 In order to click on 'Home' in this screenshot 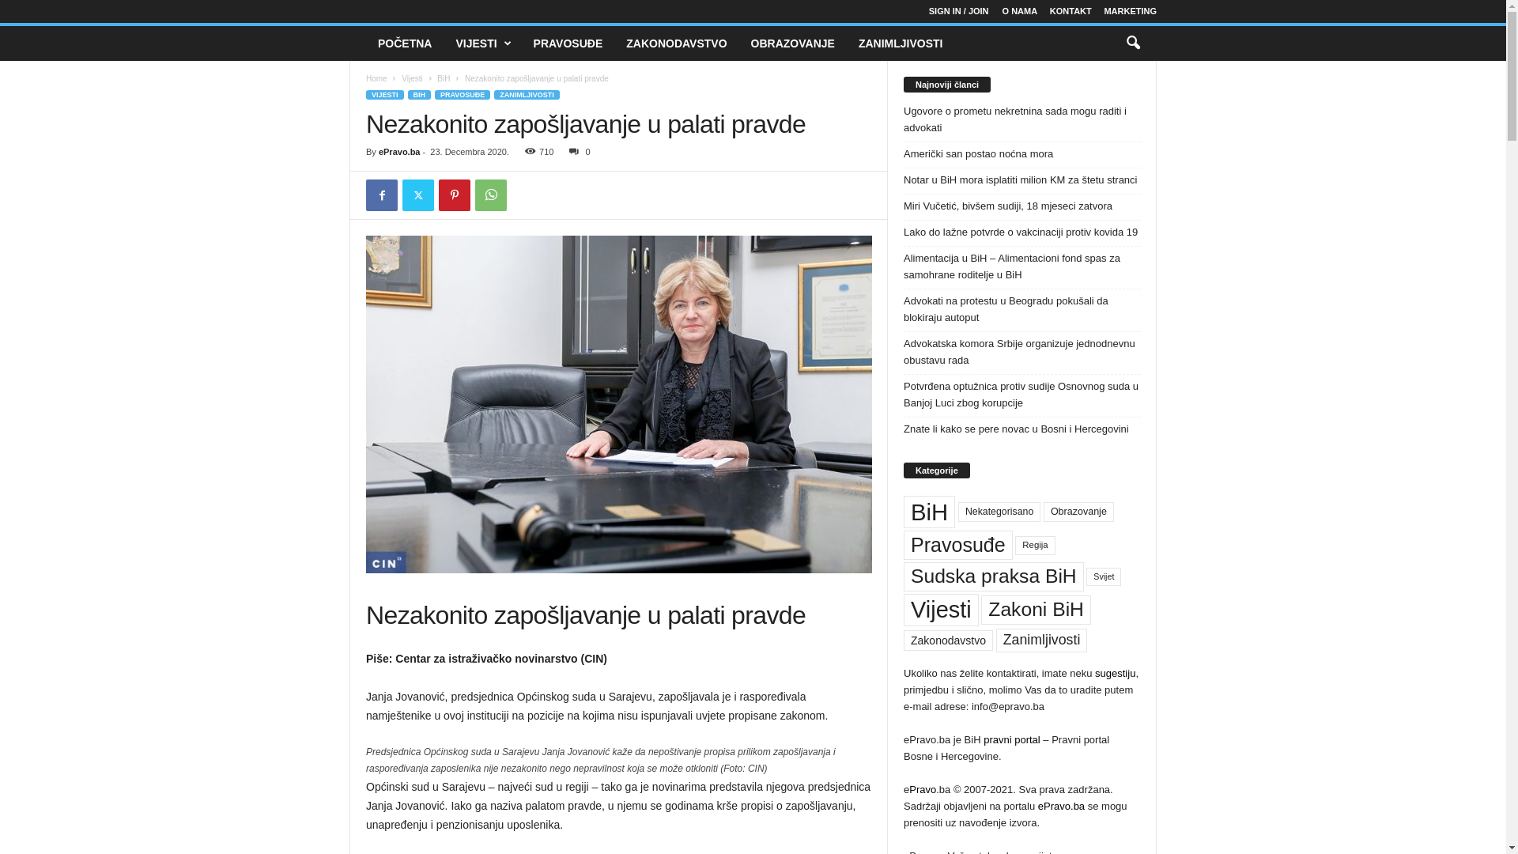, I will do `click(364, 78)`.